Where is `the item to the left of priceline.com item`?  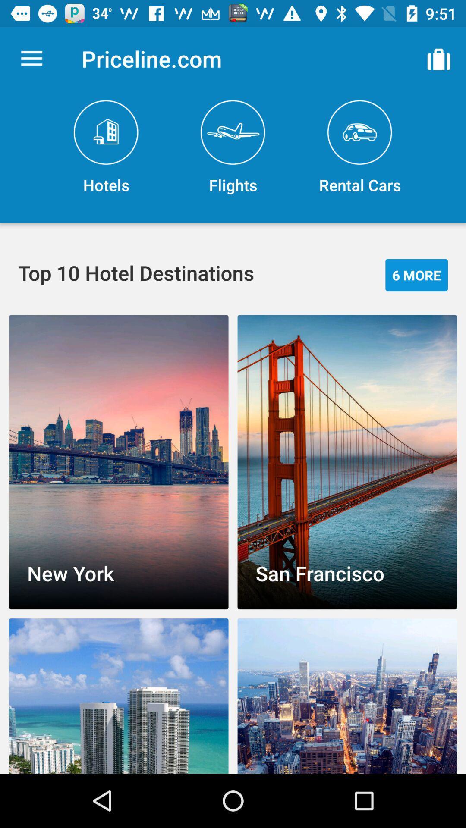
the item to the left of priceline.com item is located at coordinates (31, 58).